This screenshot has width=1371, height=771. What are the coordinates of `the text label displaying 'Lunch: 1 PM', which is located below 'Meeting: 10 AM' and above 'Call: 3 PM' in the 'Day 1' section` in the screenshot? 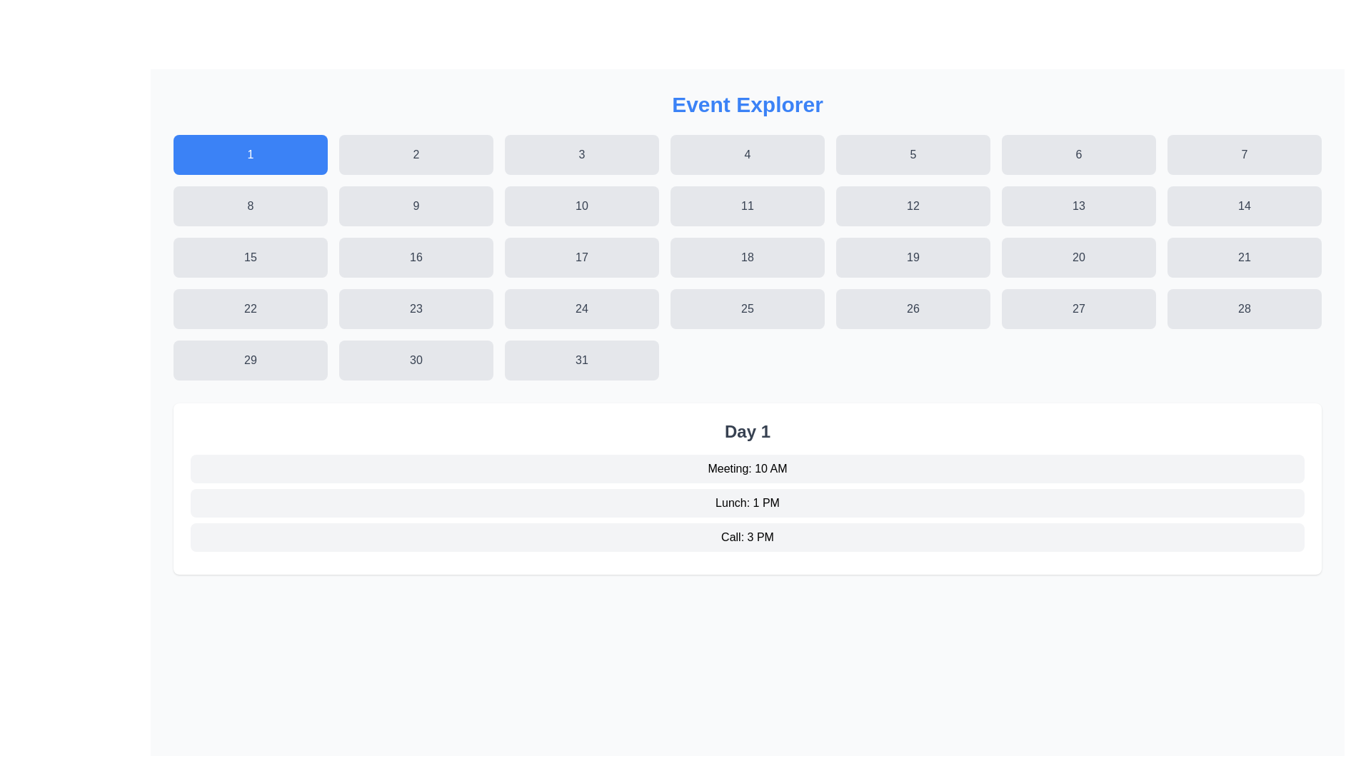 It's located at (746, 503).